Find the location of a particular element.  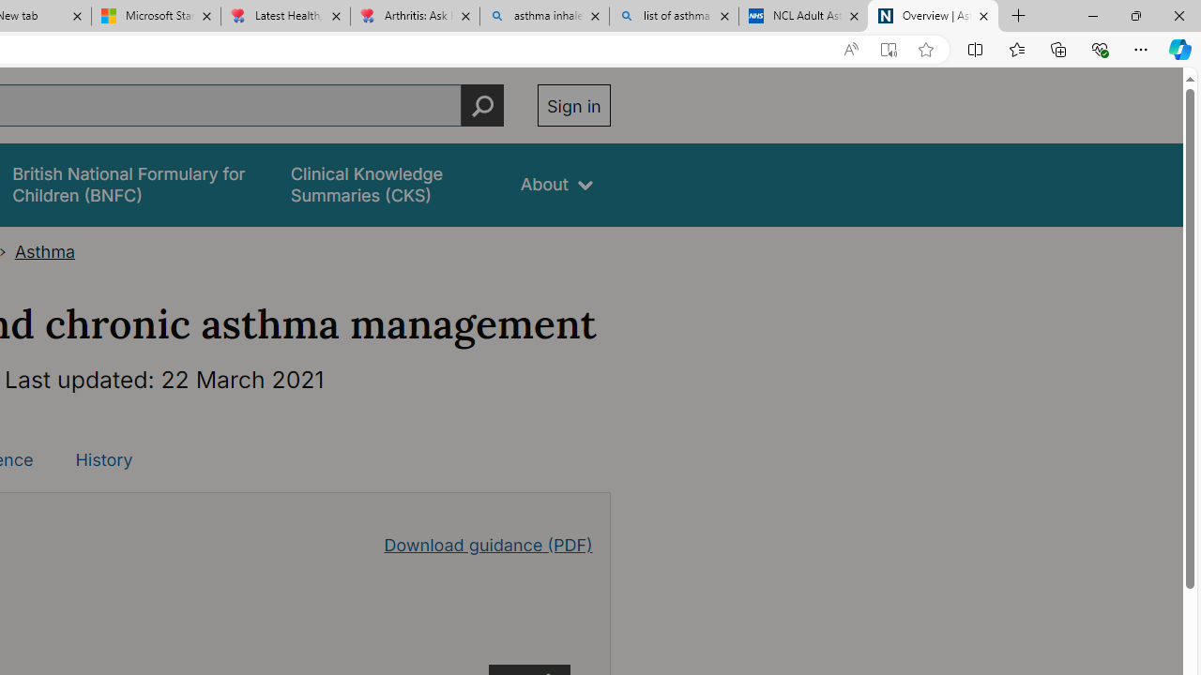

'Arthritis: Ask Health Professionals' is located at coordinates (414, 16).